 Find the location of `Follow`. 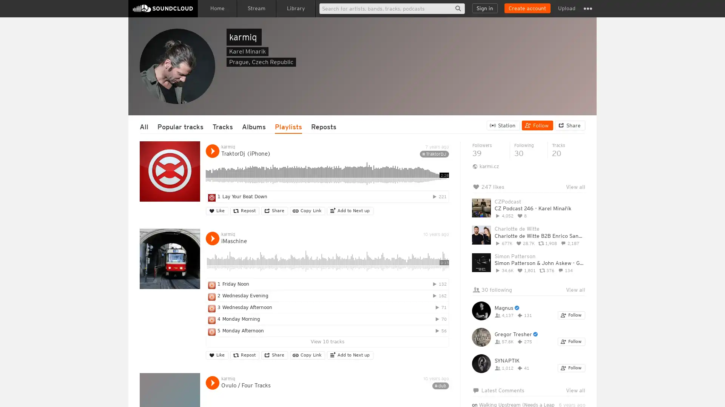

Follow is located at coordinates (537, 125).